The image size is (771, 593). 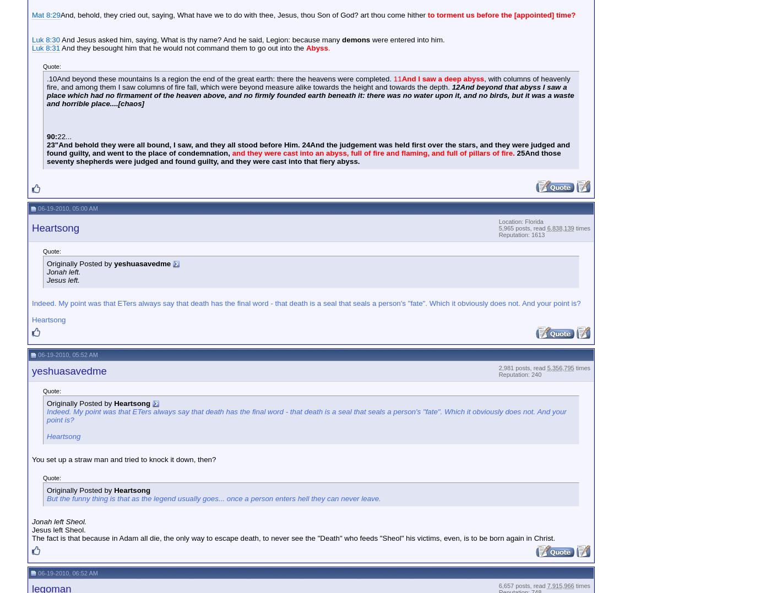 What do you see at coordinates (46, 157) in the screenshot?
I see `'And those seventy shepherds were judged and found guilty, and they were cast into that fiery abyss.'` at bounding box center [46, 157].